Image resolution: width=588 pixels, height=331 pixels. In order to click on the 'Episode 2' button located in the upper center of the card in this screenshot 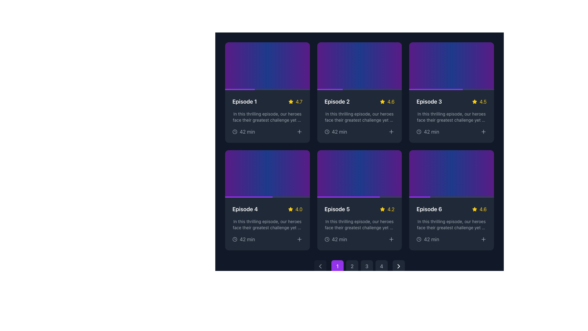, I will do `click(359, 66)`.